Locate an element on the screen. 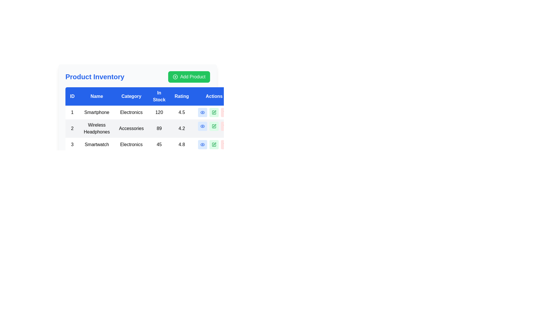  the text label displaying the numerical value '4.5' in the fifth column of the first row of the Product Inventory table is located at coordinates (181, 113).